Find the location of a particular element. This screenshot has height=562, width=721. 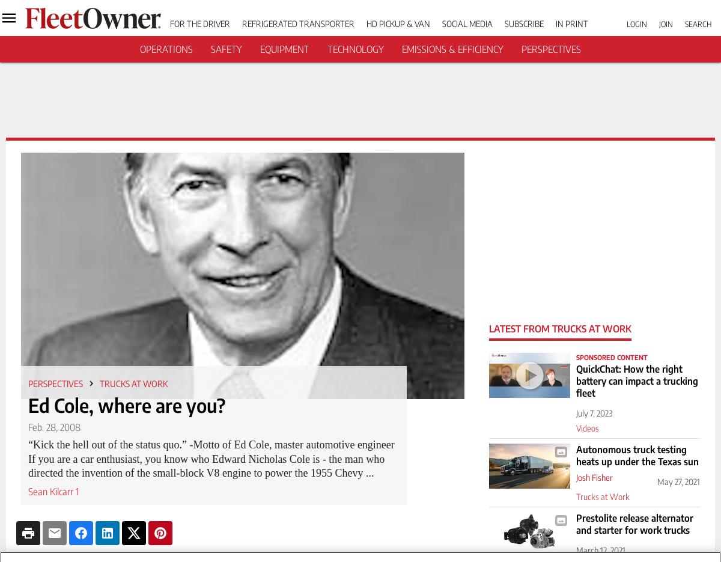

'Photo: Aurora' is located at coordinates (533, 452).